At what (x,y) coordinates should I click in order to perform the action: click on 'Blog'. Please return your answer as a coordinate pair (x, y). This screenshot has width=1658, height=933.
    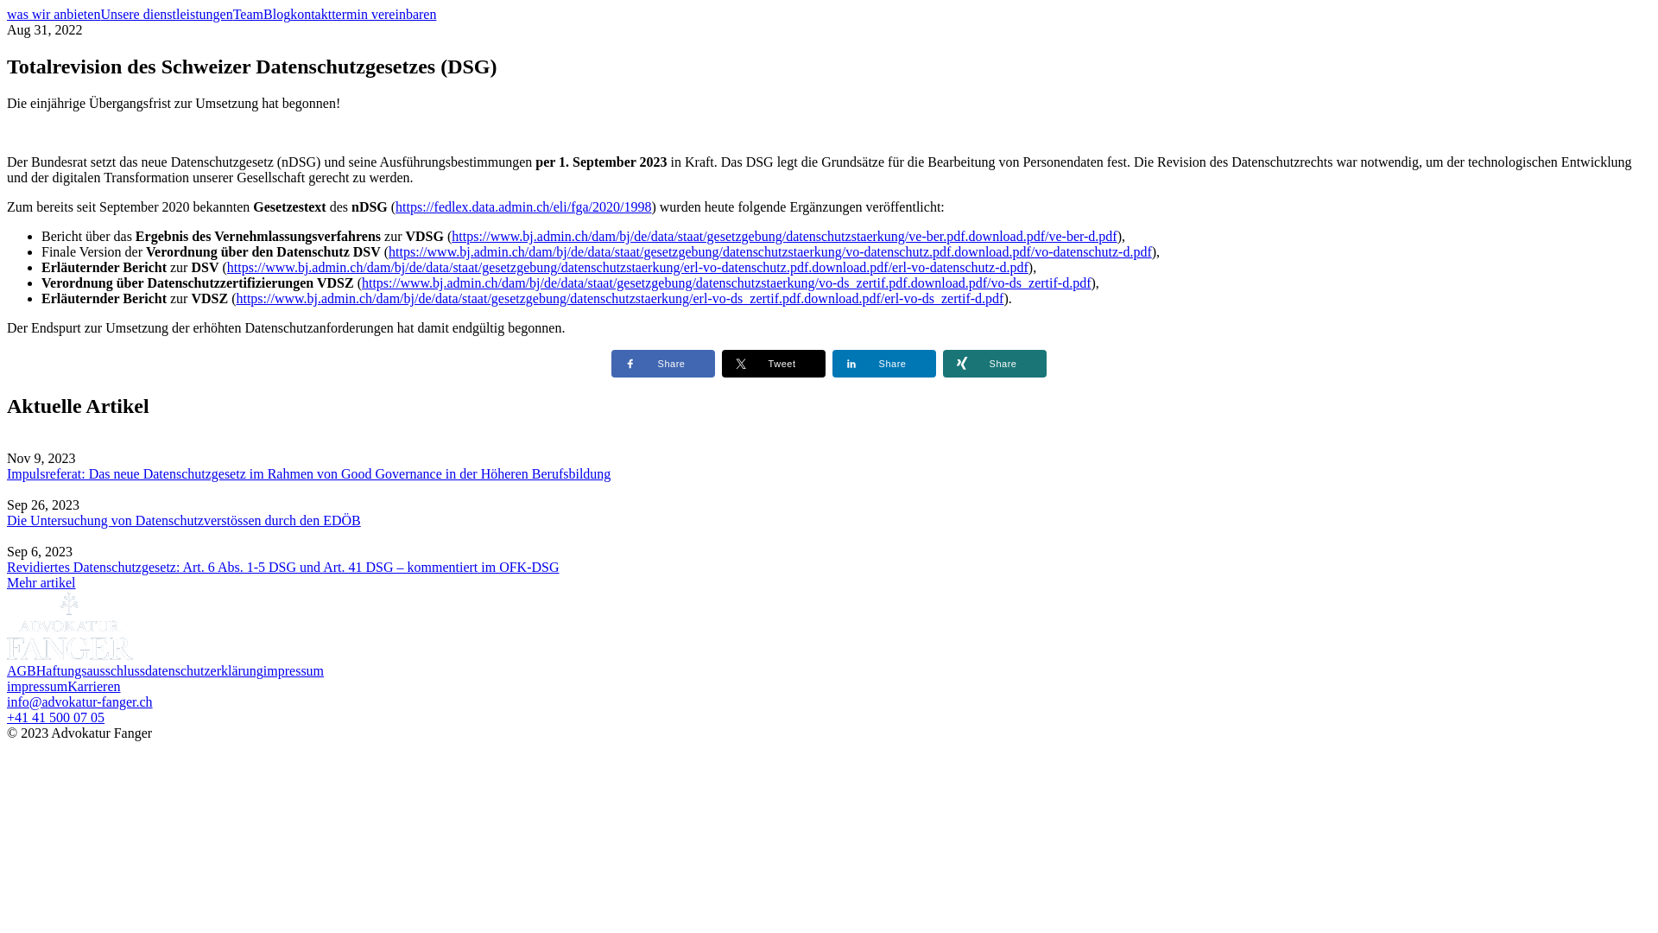
    Looking at the image, I should click on (276, 14).